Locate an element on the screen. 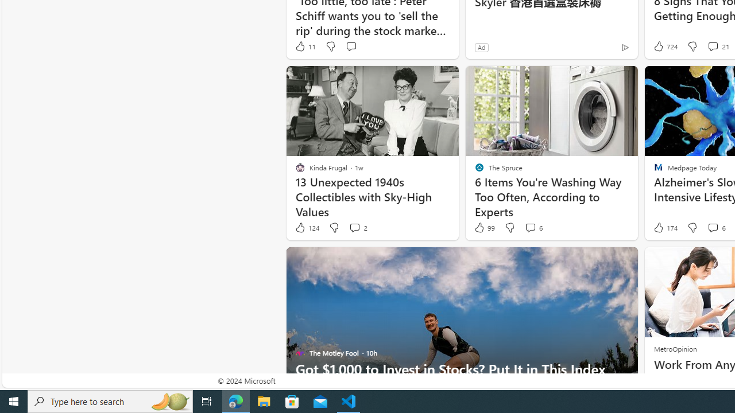 The image size is (735, 413). 'View comments 21 Comment' is located at coordinates (712, 46).